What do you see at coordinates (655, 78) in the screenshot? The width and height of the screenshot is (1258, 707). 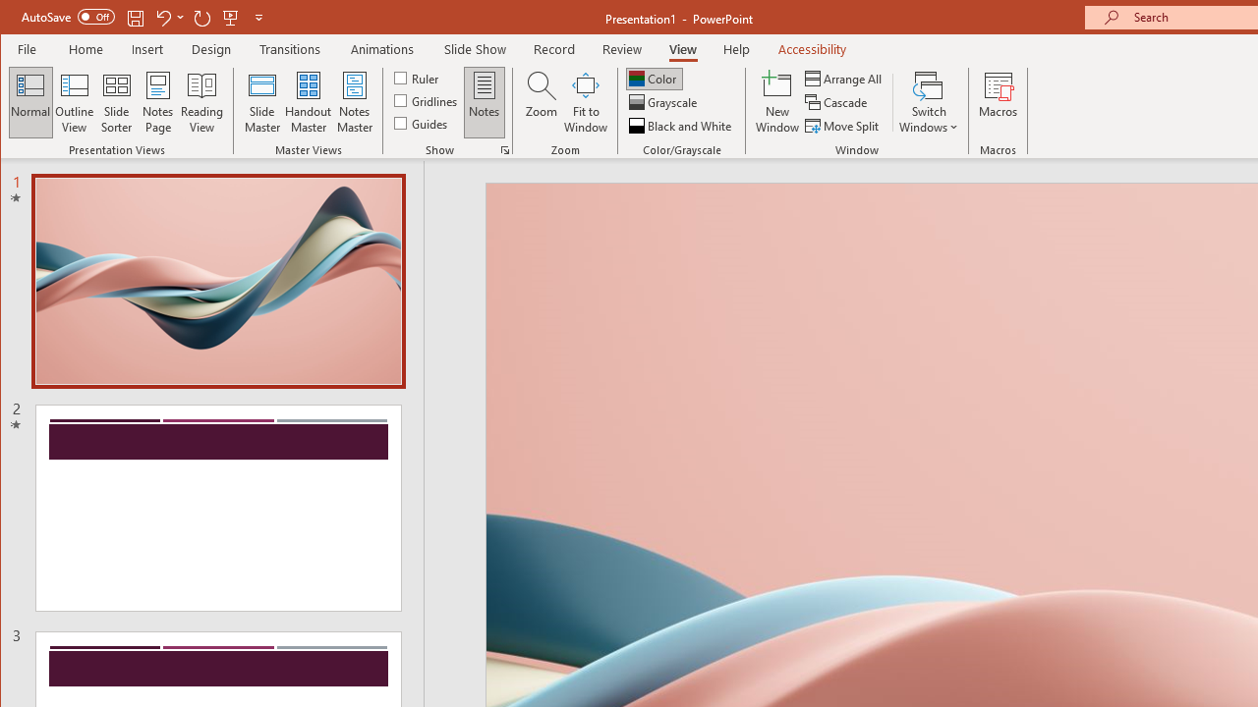 I see `'Color'` at bounding box center [655, 78].